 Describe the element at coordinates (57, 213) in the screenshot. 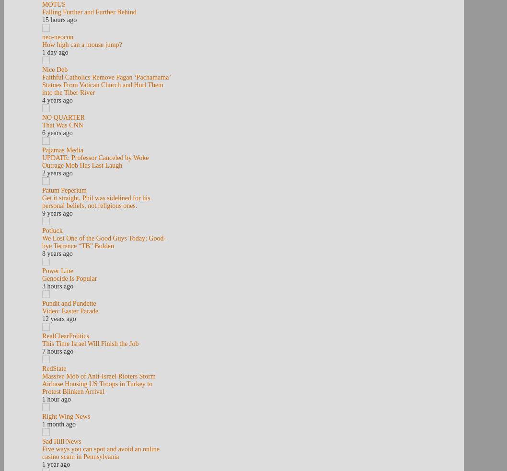

I see `'9 years ago'` at that location.